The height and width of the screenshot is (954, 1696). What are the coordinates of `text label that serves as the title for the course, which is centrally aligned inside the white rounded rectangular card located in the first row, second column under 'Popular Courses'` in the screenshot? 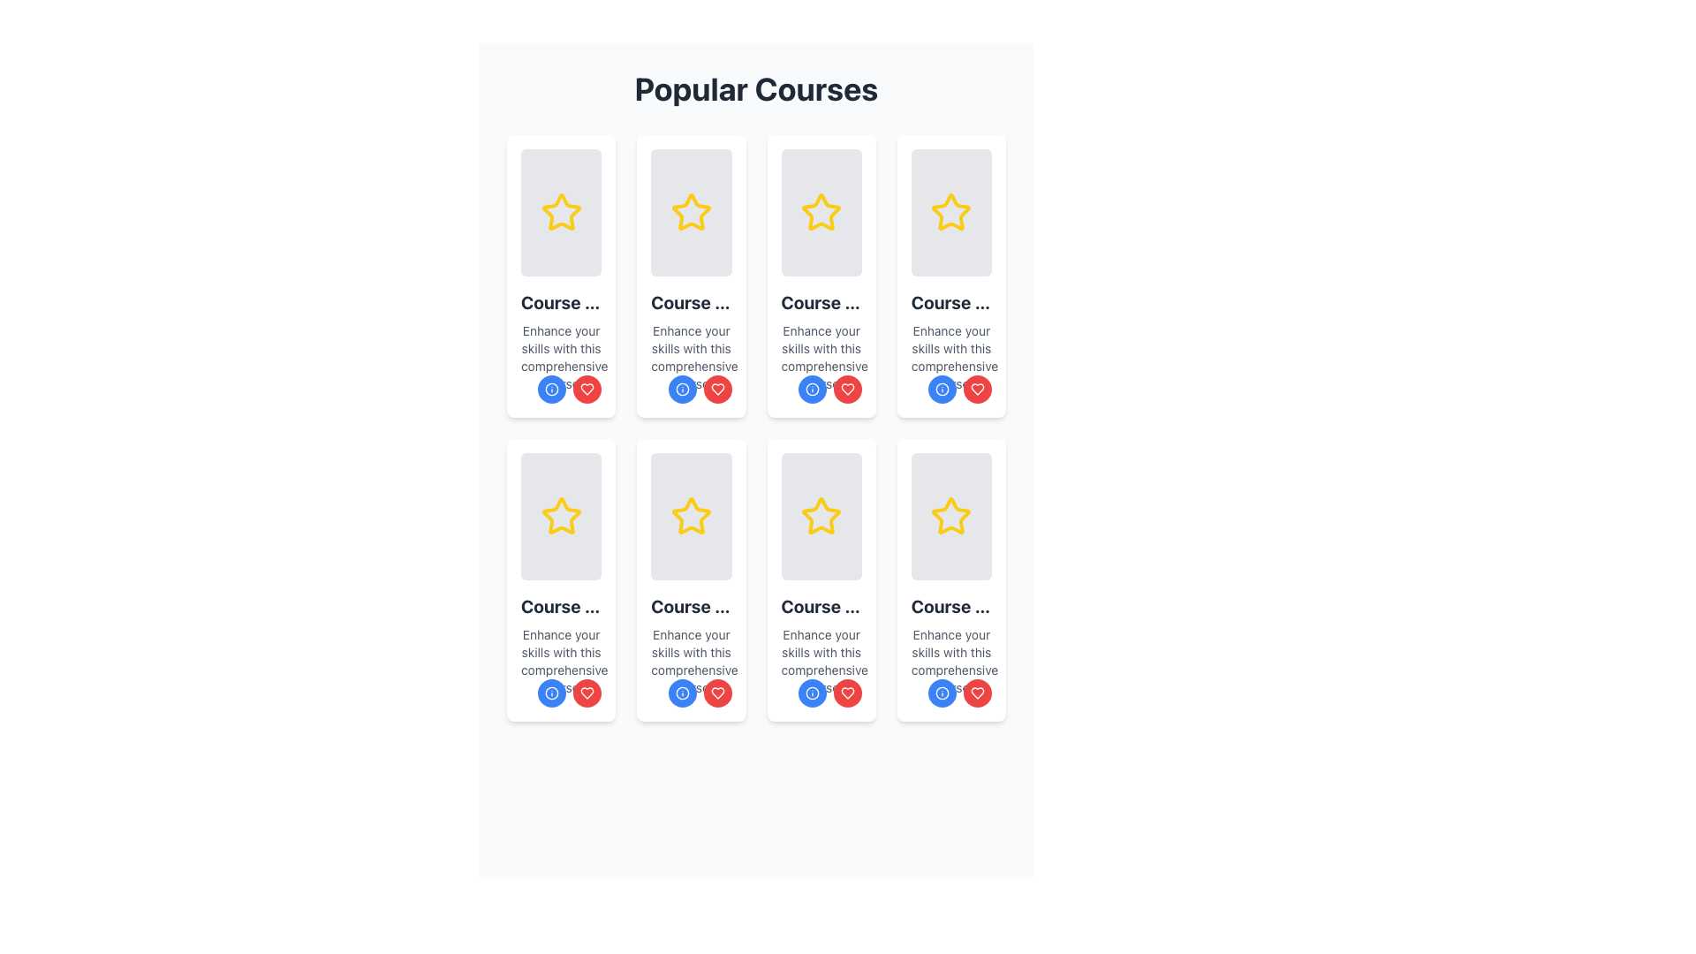 It's located at (560, 302).